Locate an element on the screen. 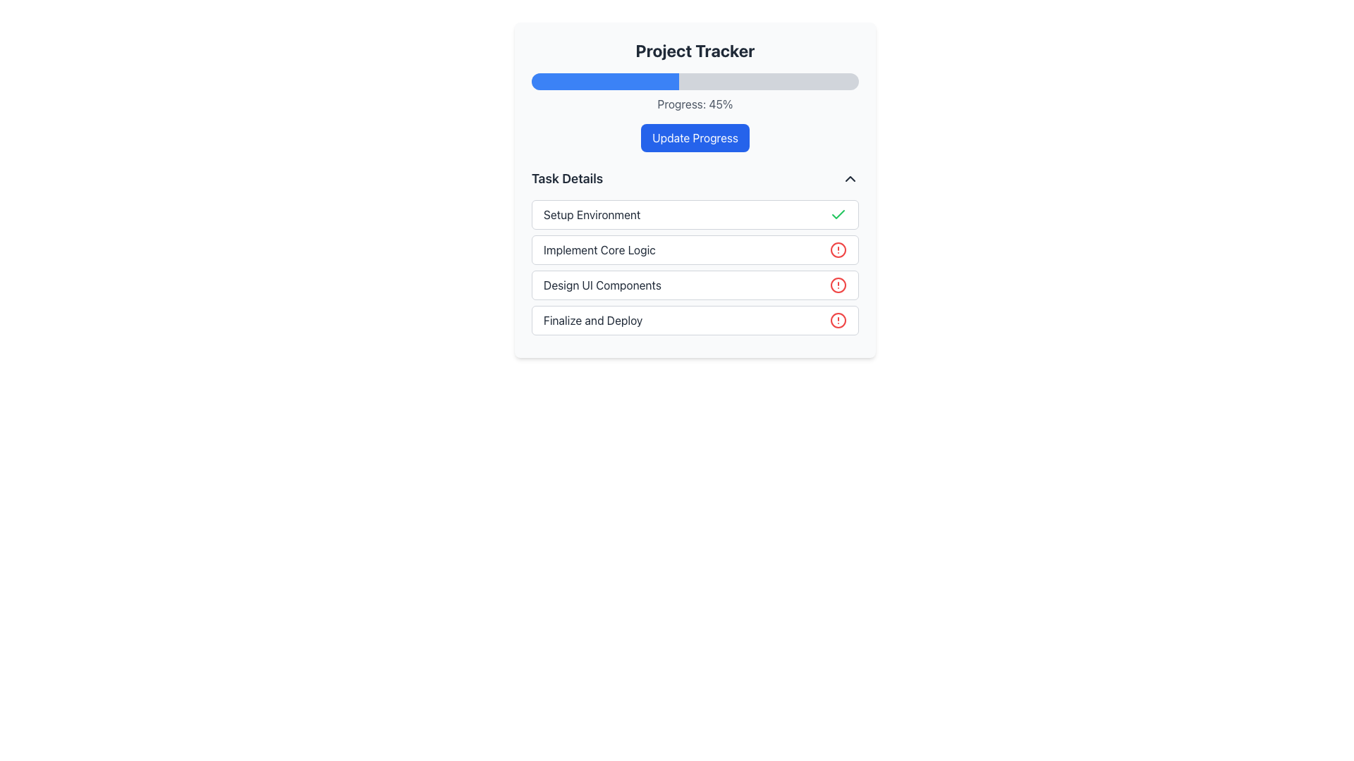 This screenshot has height=761, width=1354. the individual tasks within the 'Project Tracker' Dashboard Widget by clicking on the task details section to gather more information is located at coordinates (695, 190).